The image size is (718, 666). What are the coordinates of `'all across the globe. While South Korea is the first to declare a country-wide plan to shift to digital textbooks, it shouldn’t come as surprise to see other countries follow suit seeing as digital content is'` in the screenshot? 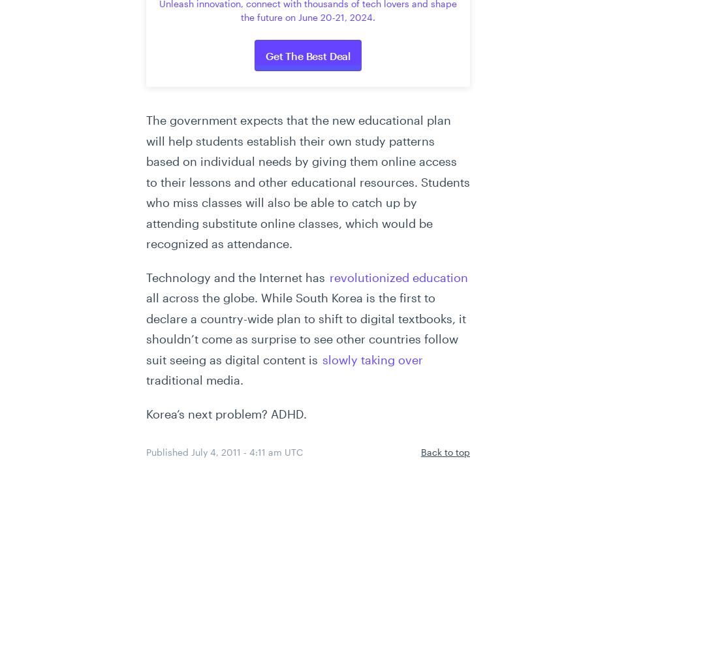 It's located at (146, 328).